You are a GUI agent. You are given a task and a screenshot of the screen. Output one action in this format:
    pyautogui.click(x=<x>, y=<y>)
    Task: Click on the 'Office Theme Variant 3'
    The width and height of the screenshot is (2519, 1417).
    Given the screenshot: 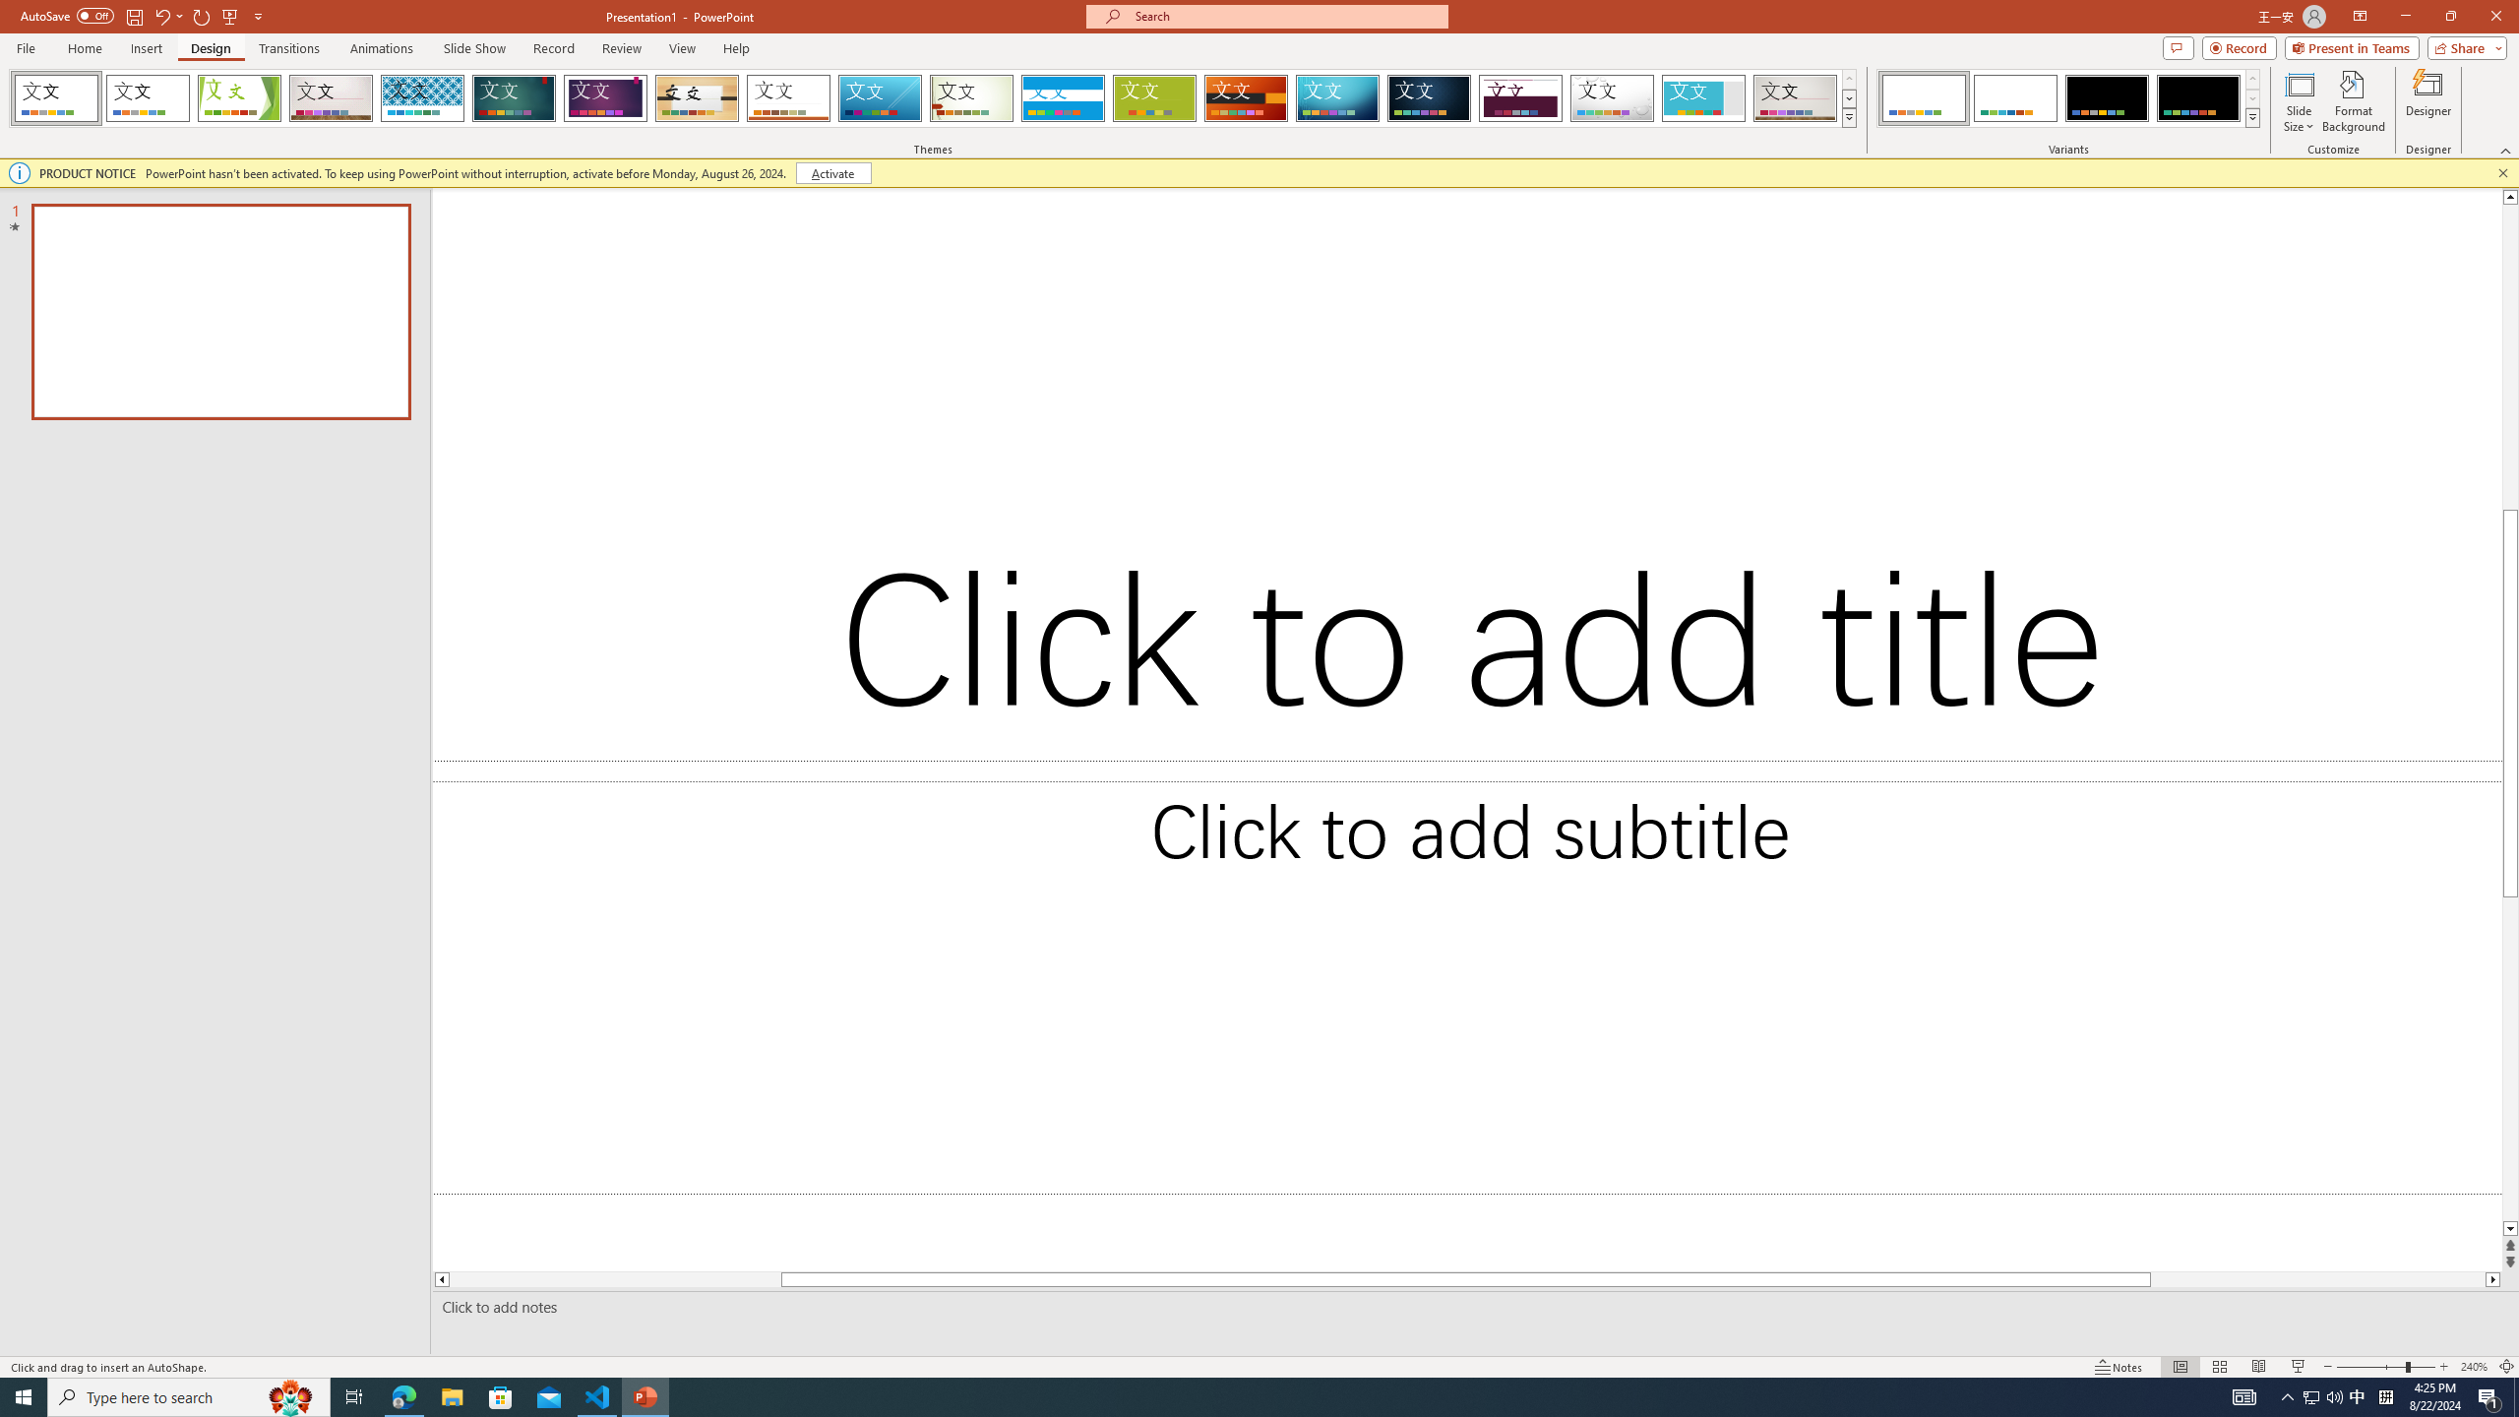 What is the action you would take?
    pyautogui.click(x=2106, y=97)
    